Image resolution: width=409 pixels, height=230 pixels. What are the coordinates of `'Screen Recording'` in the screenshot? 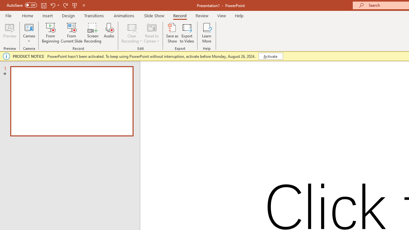 It's located at (92, 33).